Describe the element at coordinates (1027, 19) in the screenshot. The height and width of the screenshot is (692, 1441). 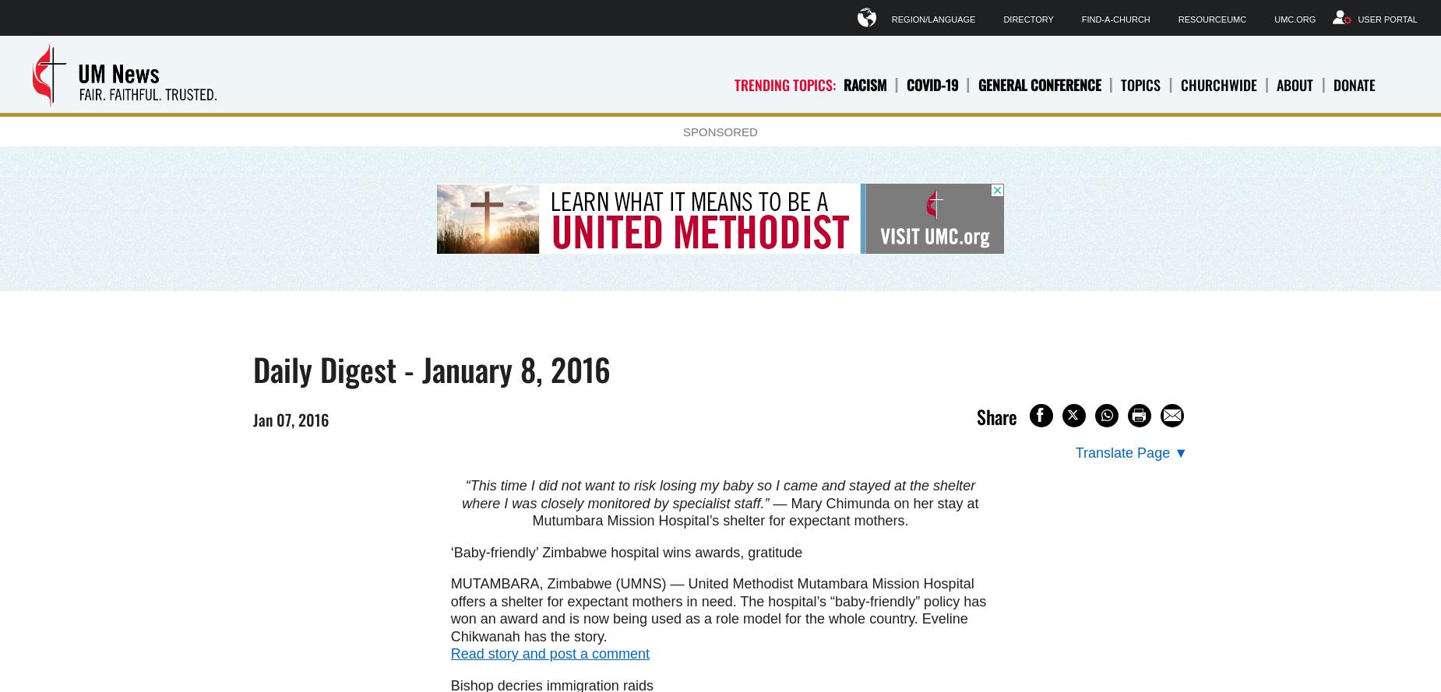
I see `'Directory'` at that location.